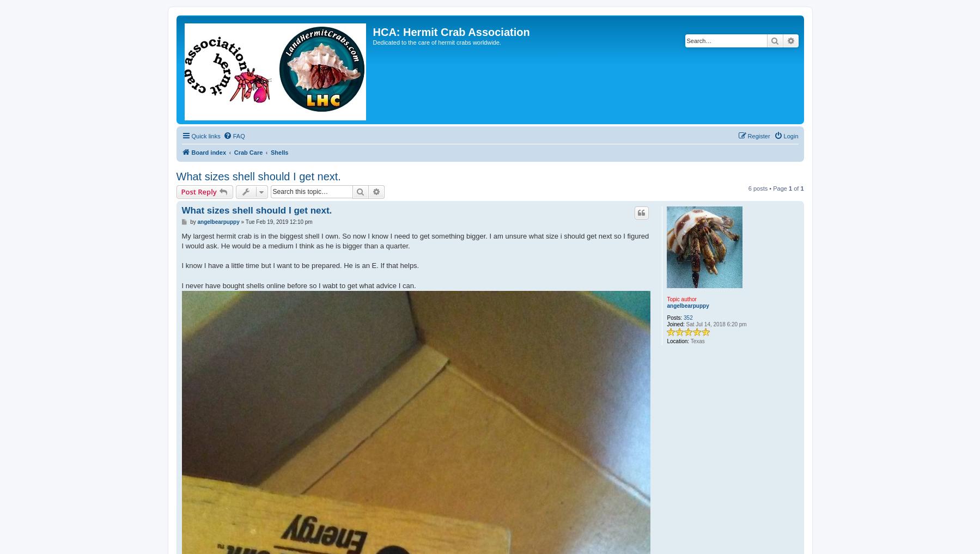 This screenshot has width=980, height=554. Describe the element at coordinates (278, 221) in the screenshot. I see `'Tue Feb 19, 2019 12:10 pm'` at that location.